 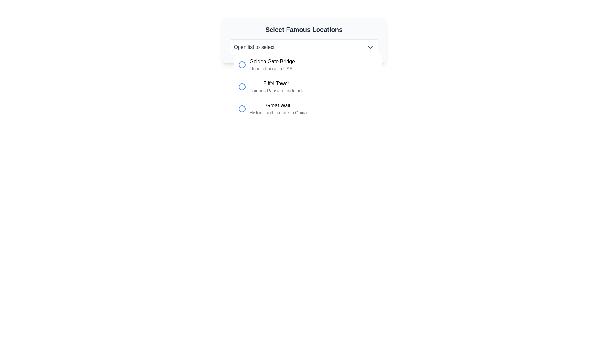 I want to click on the dropdown menu located centrally in the interface below the title 'Select Famous Locations', so click(x=303, y=40).